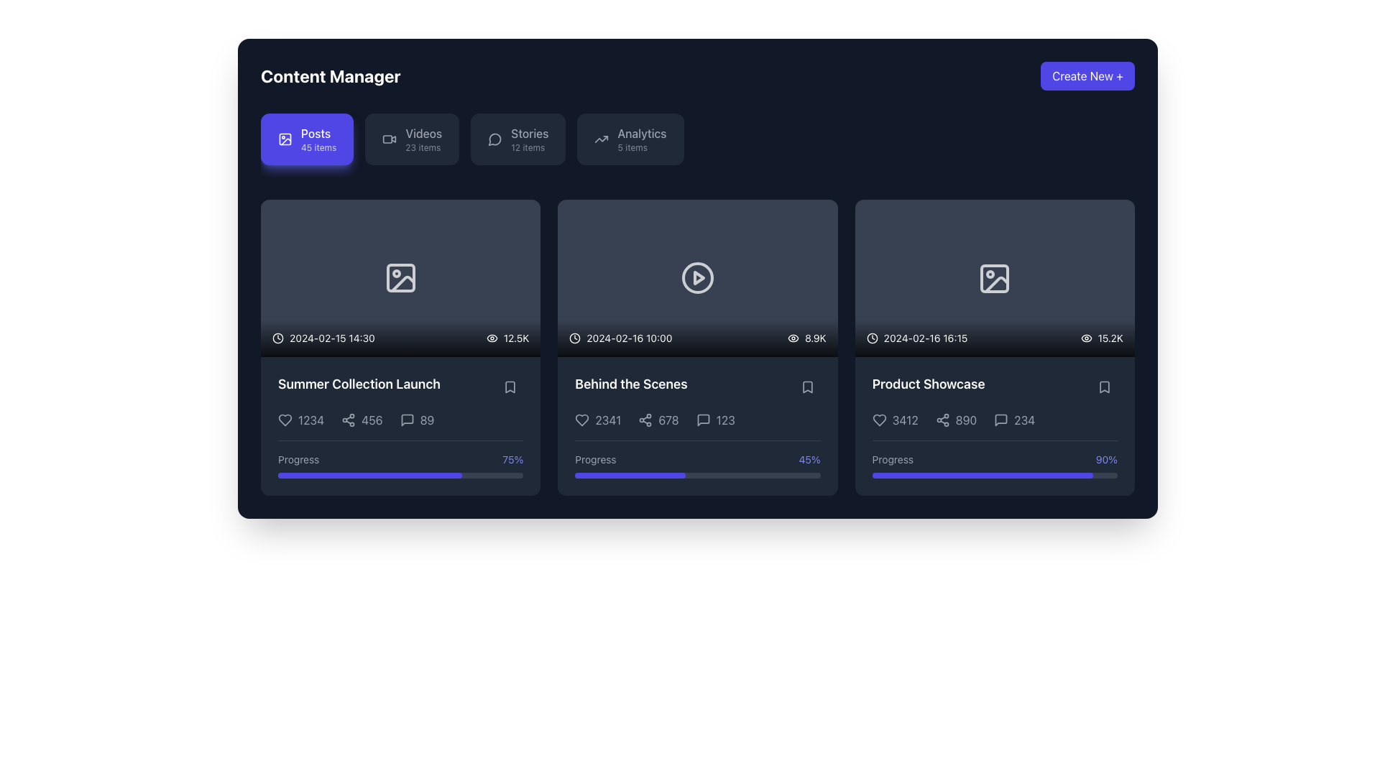 The height and width of the screenshot is (776, 1380). Describe the element at coordinates (871, 338) in the screenshot. I see `the clock icon located to the left of the timestamp '2024-02-16 16:15' within the 'Product Showcase' card in the rightmost column of the grid` at that location.